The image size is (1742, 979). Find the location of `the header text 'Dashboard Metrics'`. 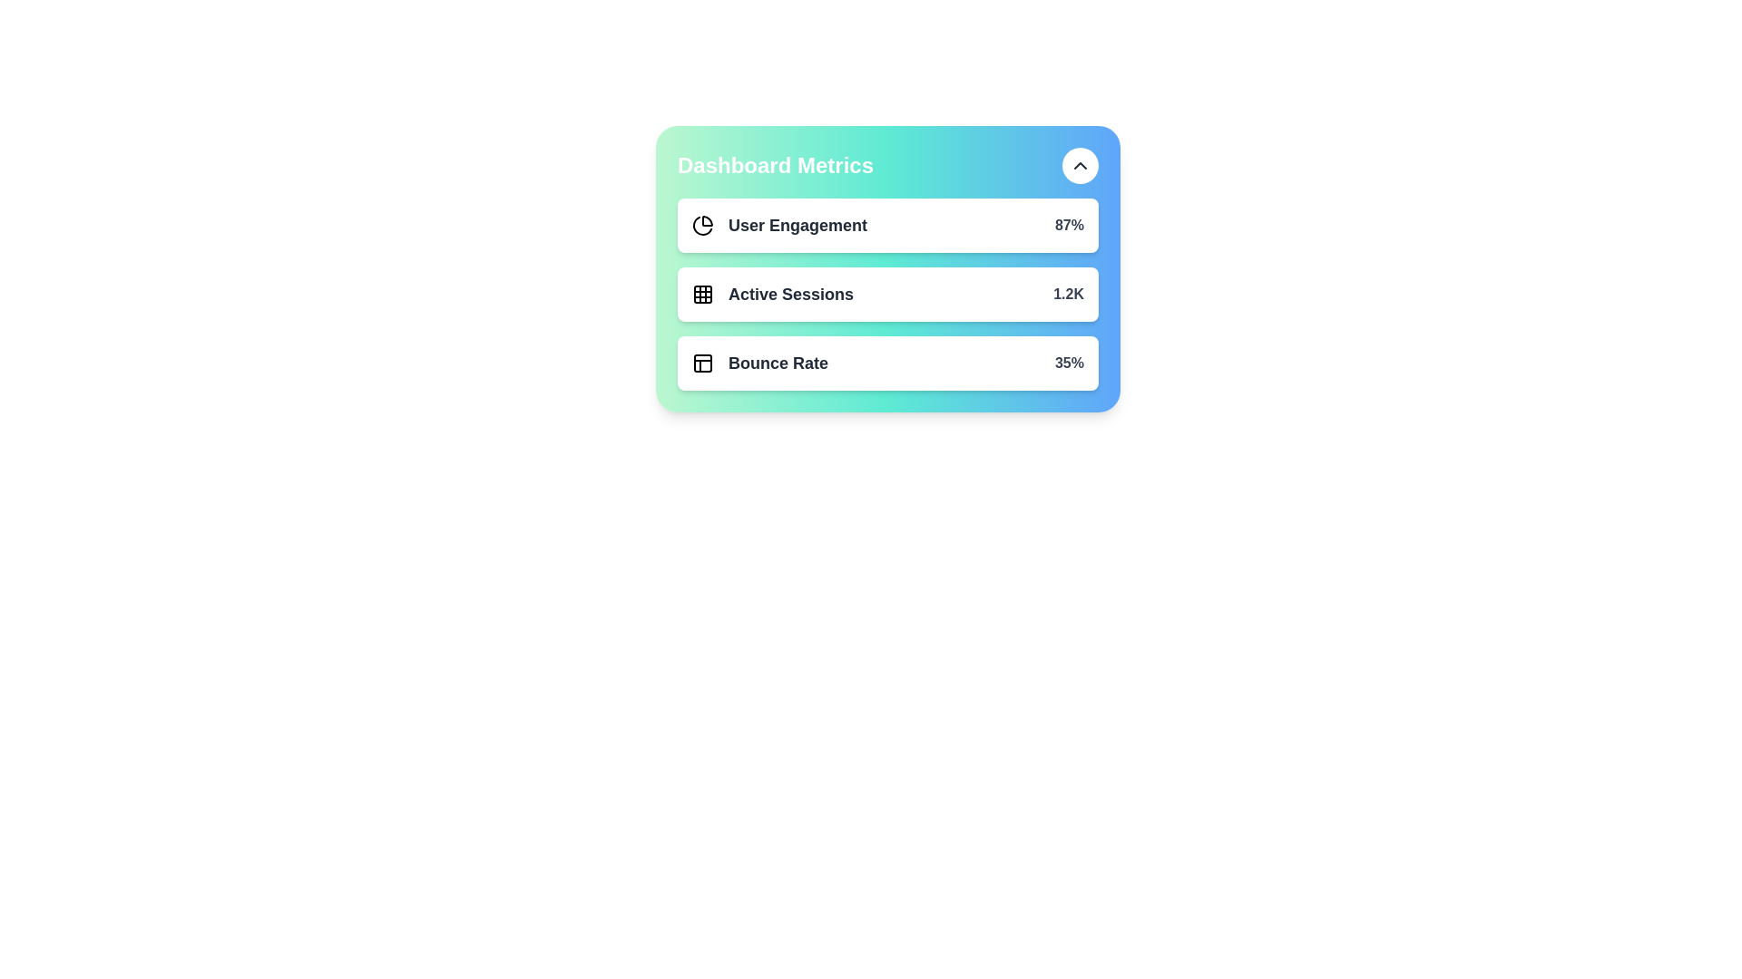

the header text 'Dashboard Metrics' is located at coordinates (775, 165).